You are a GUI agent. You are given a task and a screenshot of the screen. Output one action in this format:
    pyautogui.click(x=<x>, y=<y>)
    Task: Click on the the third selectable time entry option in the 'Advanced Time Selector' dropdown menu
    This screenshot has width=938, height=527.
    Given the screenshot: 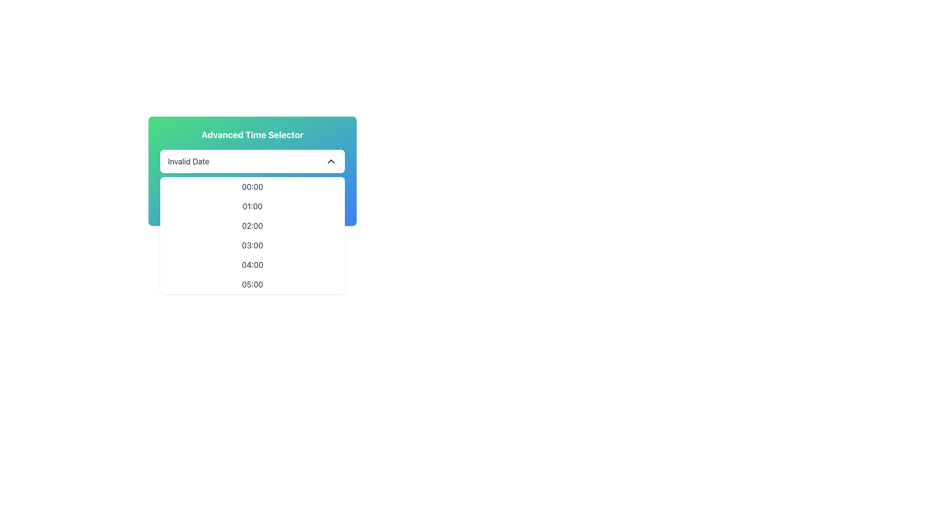 What is the action you would take?
    pyautogui.click(x=253, y=225)
    